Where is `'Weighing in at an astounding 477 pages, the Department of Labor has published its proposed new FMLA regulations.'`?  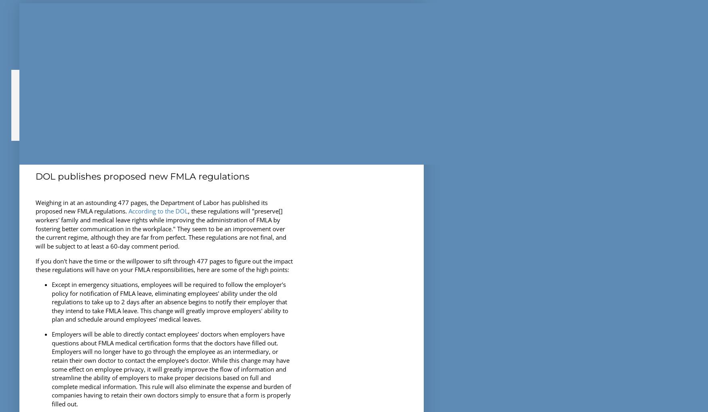
'Weighing in at an astounding 477 pages, the Department of Labor has published its proposed new FMLA regulations.' is located at coordinates (151, 207).